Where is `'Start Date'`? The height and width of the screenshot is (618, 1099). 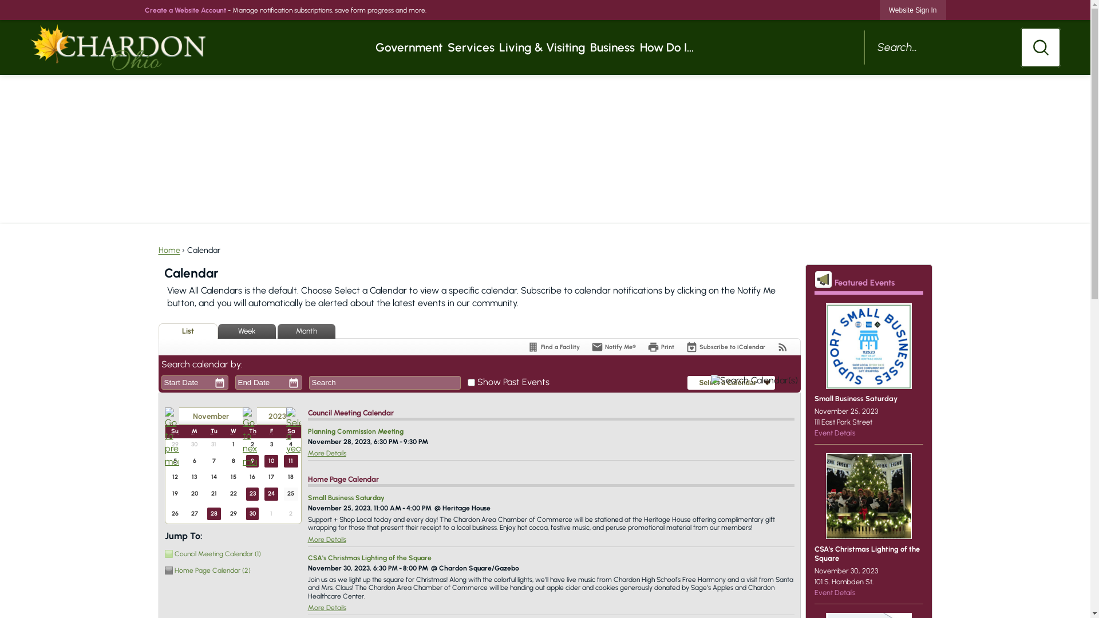 'Start Date' is located at coordinates (185, 382).